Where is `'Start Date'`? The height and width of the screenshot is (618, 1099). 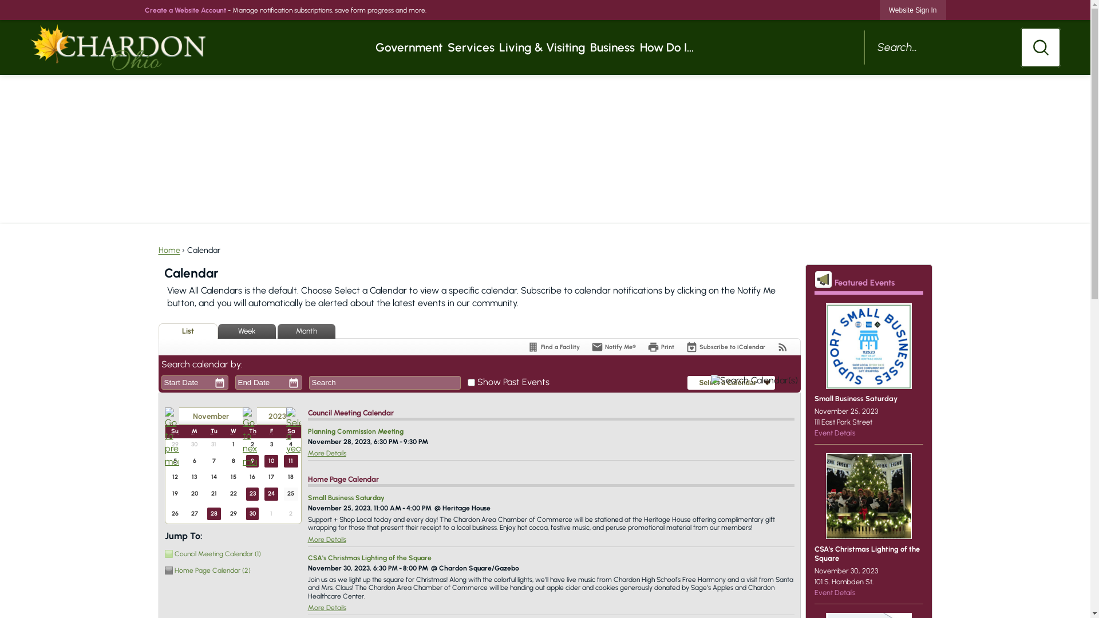 'Start Date' is located at coordinates (185, 382).